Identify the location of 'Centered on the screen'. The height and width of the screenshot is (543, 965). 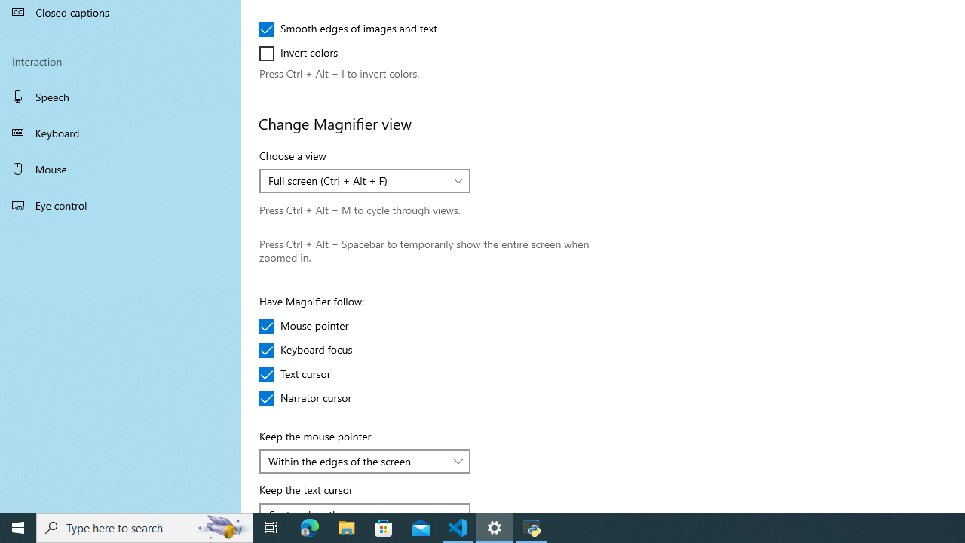
(356, 509).